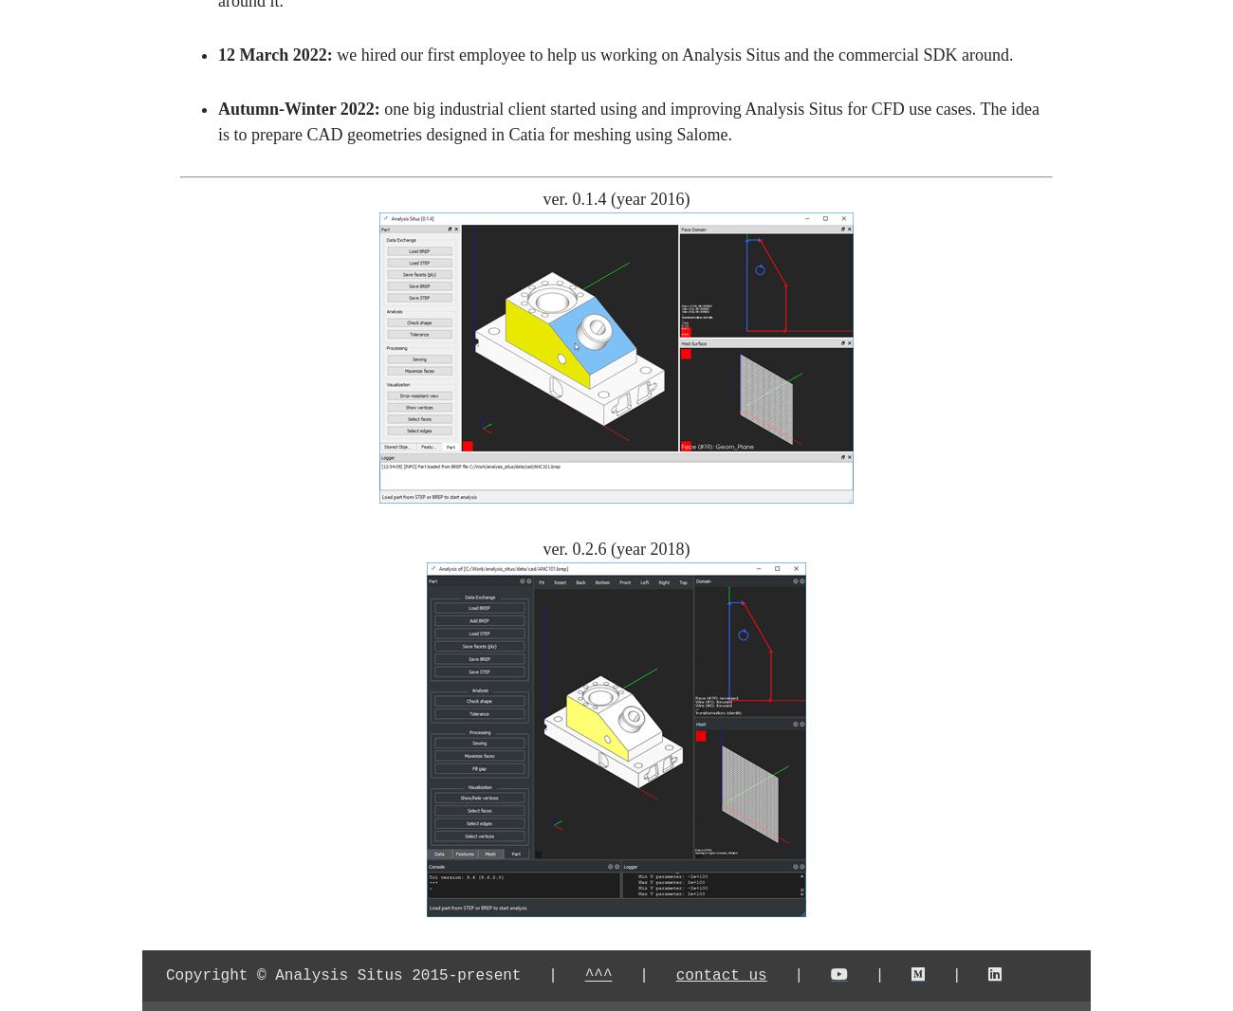 This screenshot has width=1233, height=1011. I want to click on 'we hired our first employee to help us working on Analysis Situs and the commercial SDK around.', so click(672, 53).